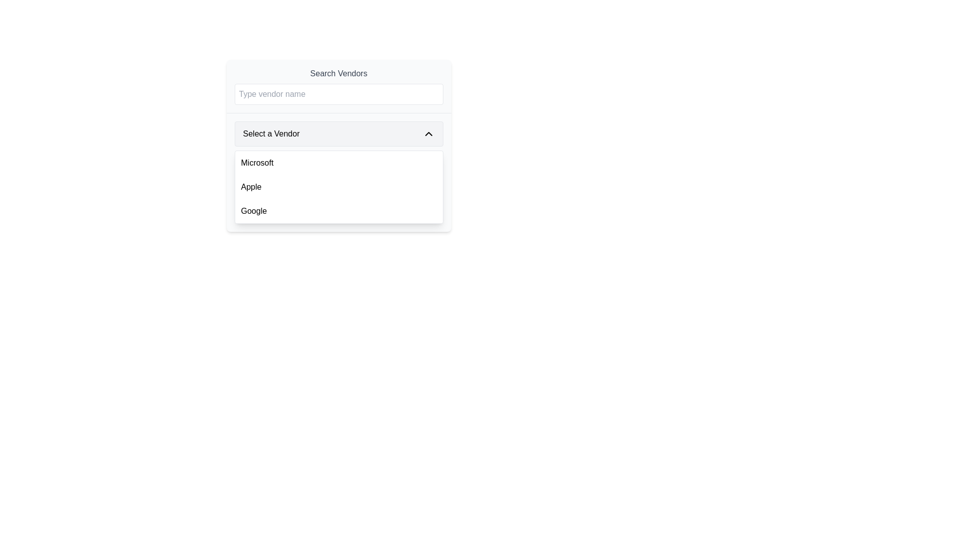  Describe the element at coordinates (339, 133) in the screenshot. I see `the dropdown menu labeled 'Select a Vendor'` at that location.